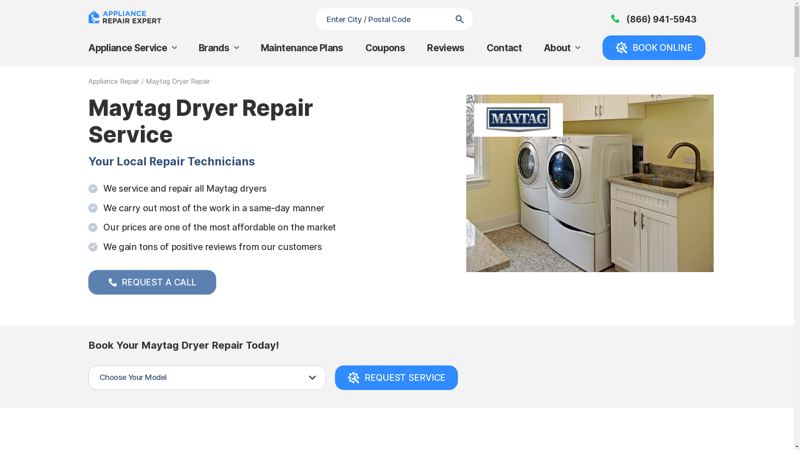  Describe the element at coordinates (113, 81) in the screenshot. I see `'Appliance Repair'` at that location.